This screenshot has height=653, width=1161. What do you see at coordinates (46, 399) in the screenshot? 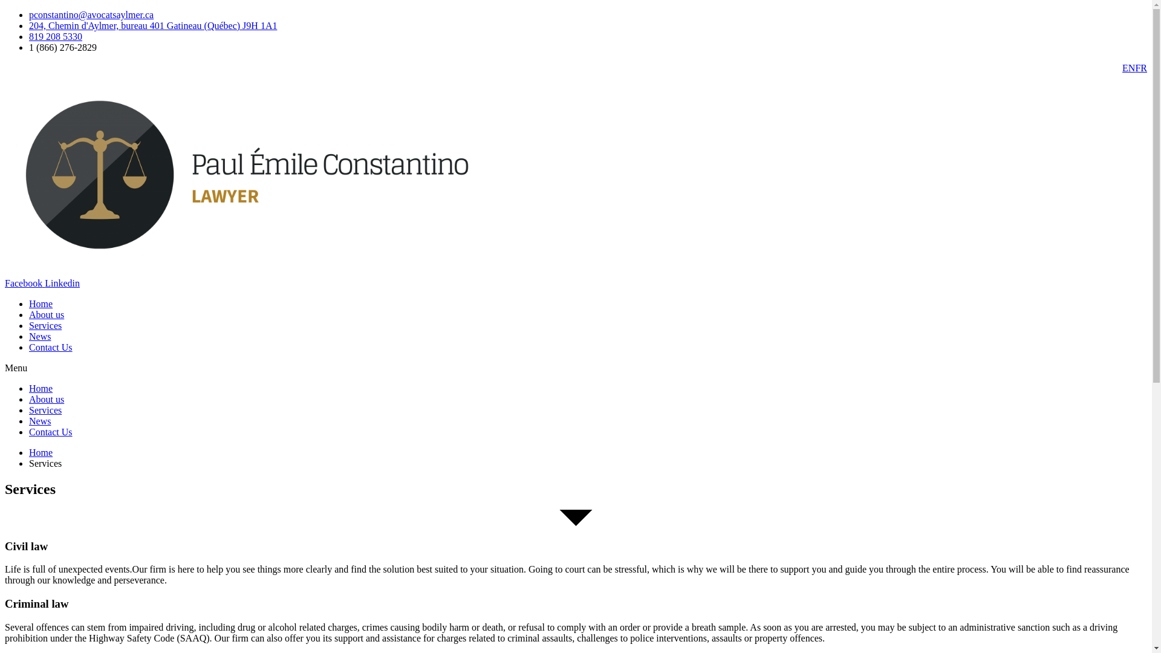
I see `'About us'` at bounding box center [46, 399].